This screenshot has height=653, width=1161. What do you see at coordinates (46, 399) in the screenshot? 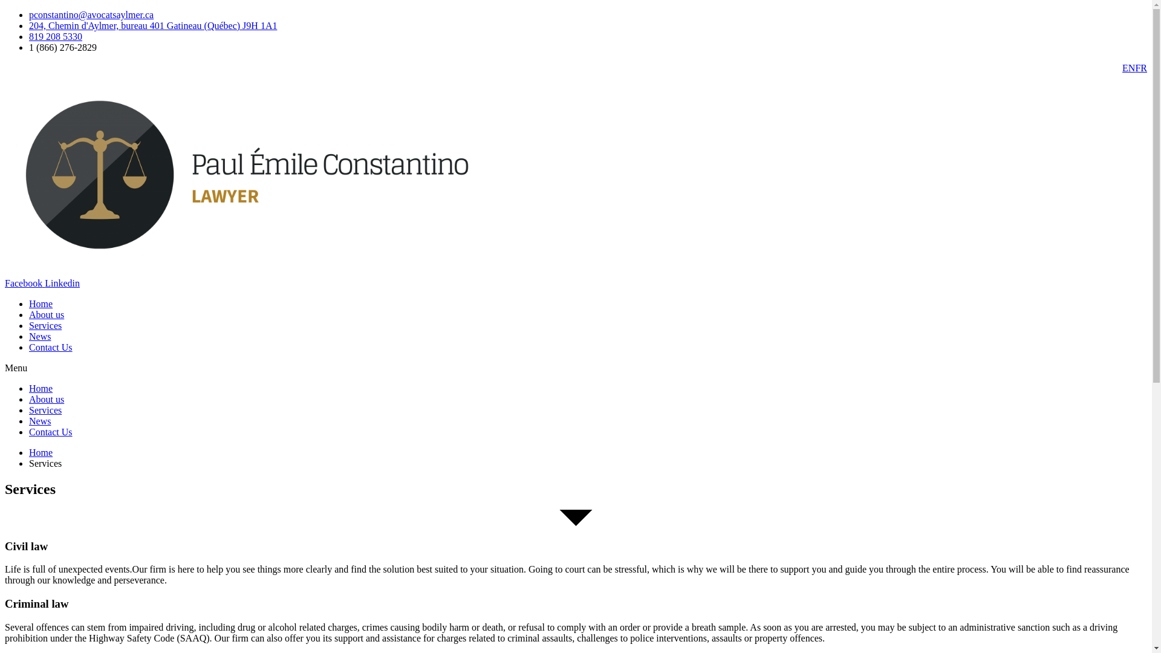
I see `'About us'` at bounding box center [46, 399].